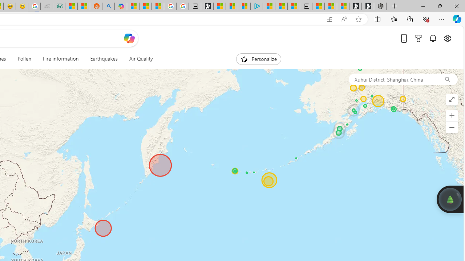  What do you see at coordinates (441, 18) in the screenshot?
I see `'Settings and more (Alt+F)'` at bounding box center [441, 18].